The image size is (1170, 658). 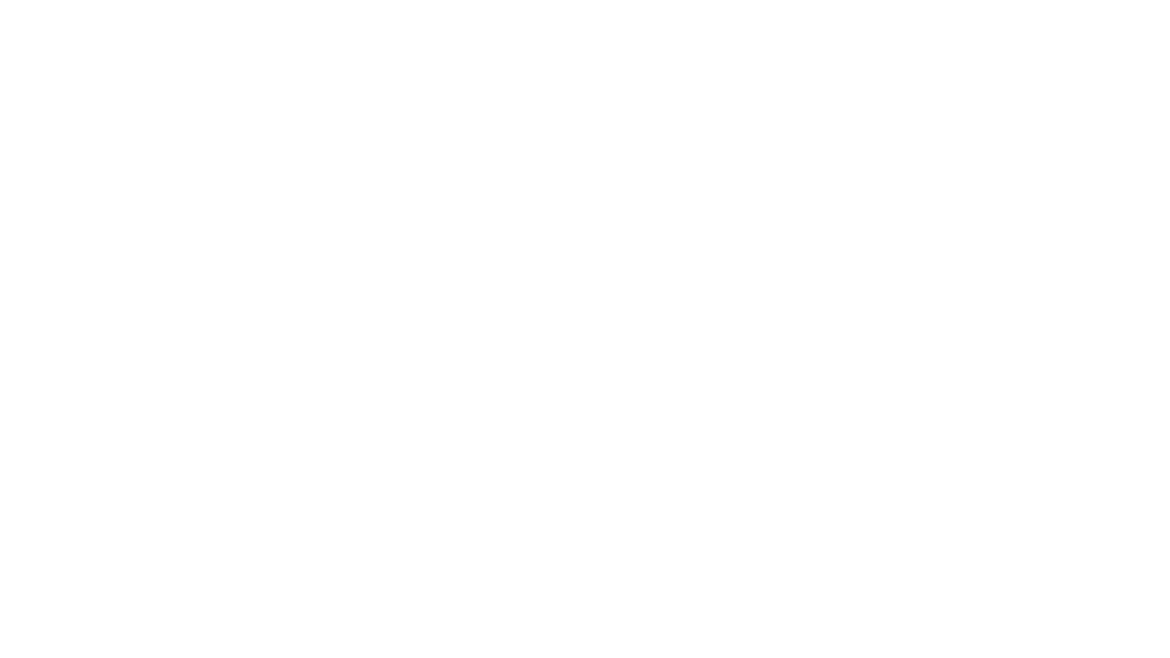 I want to click on Clear filters, so click(x=375, y=342).